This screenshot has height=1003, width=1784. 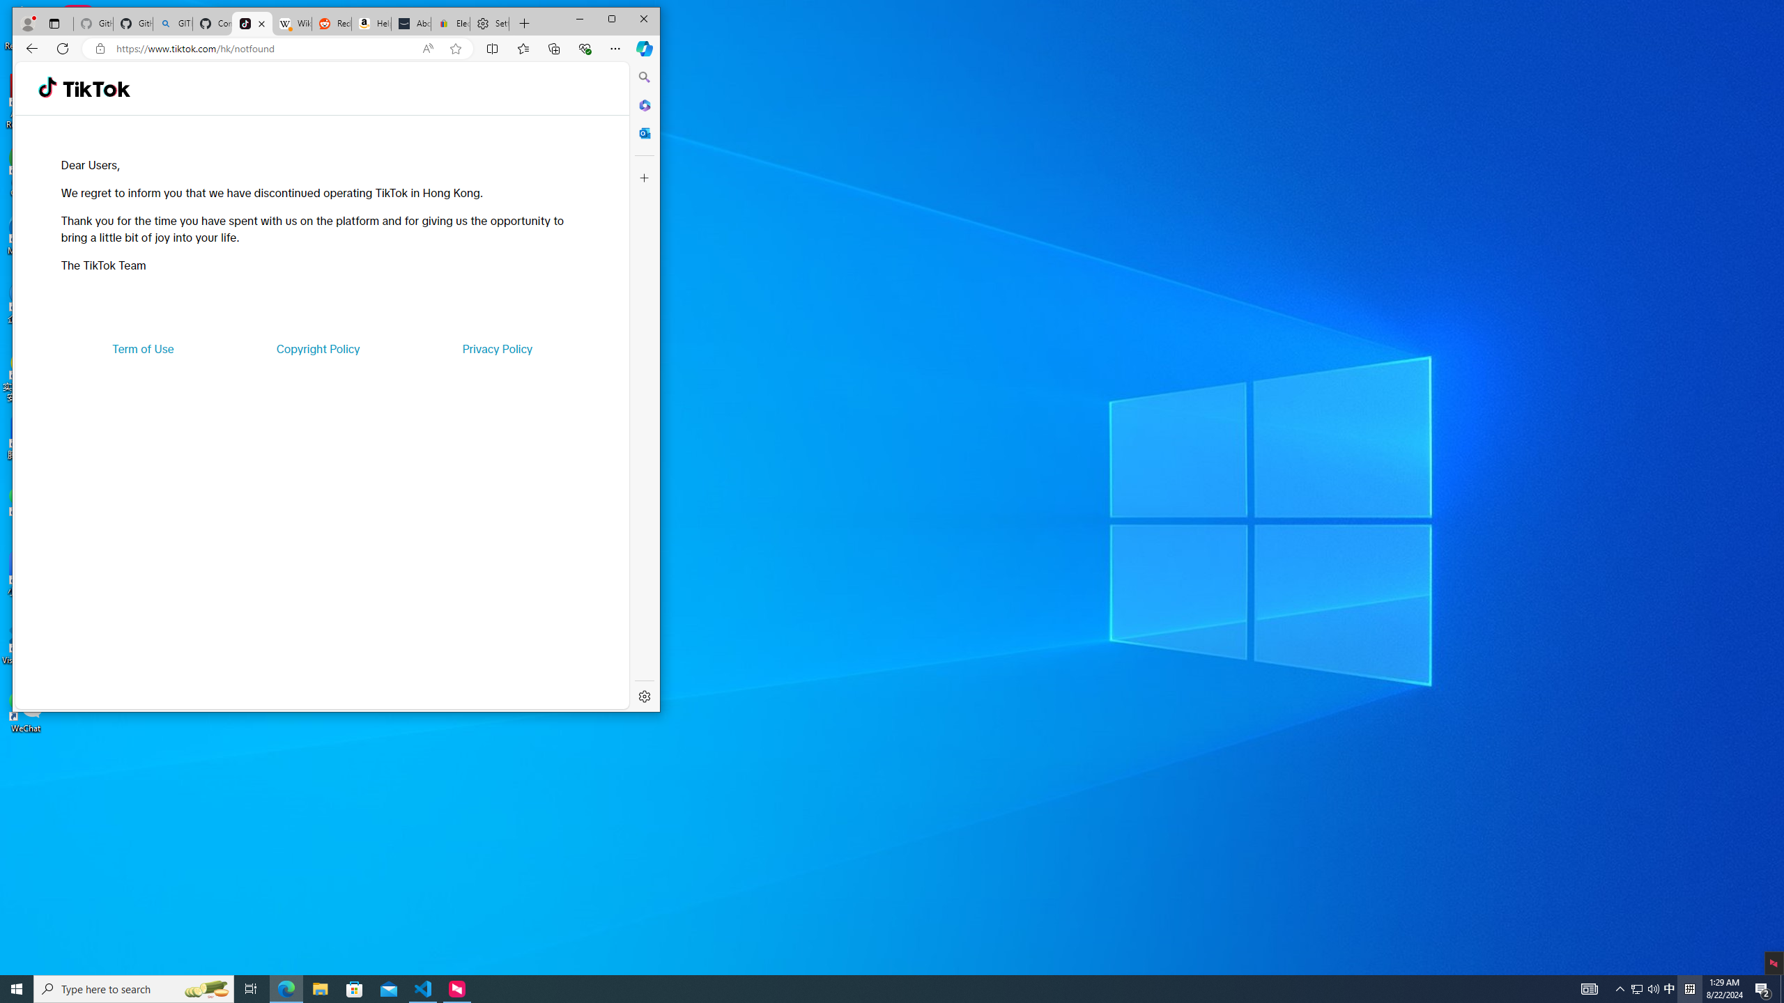 What do you see at coordinates (17, 988) in the screenshot?
I see `'Start'` at bounding box center [17, 988].